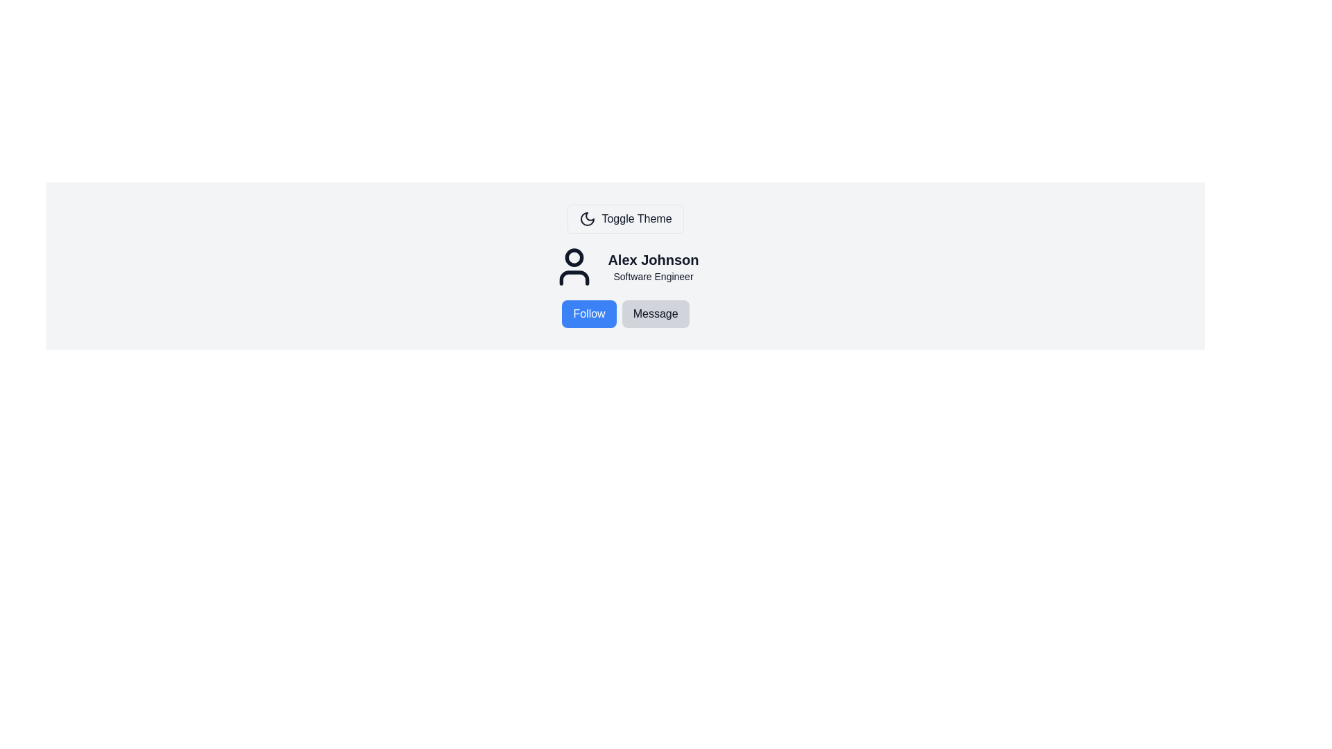 This screenshot has width=1332, height=749. What do you see at coordinates (574, 267) in the screenshot?
I see `the user profile icon located to the left of the text 'Alex Johnson' and 'Software Engineer', which serves as a visual cue for the associated user information` at bounding box center [574, 267].